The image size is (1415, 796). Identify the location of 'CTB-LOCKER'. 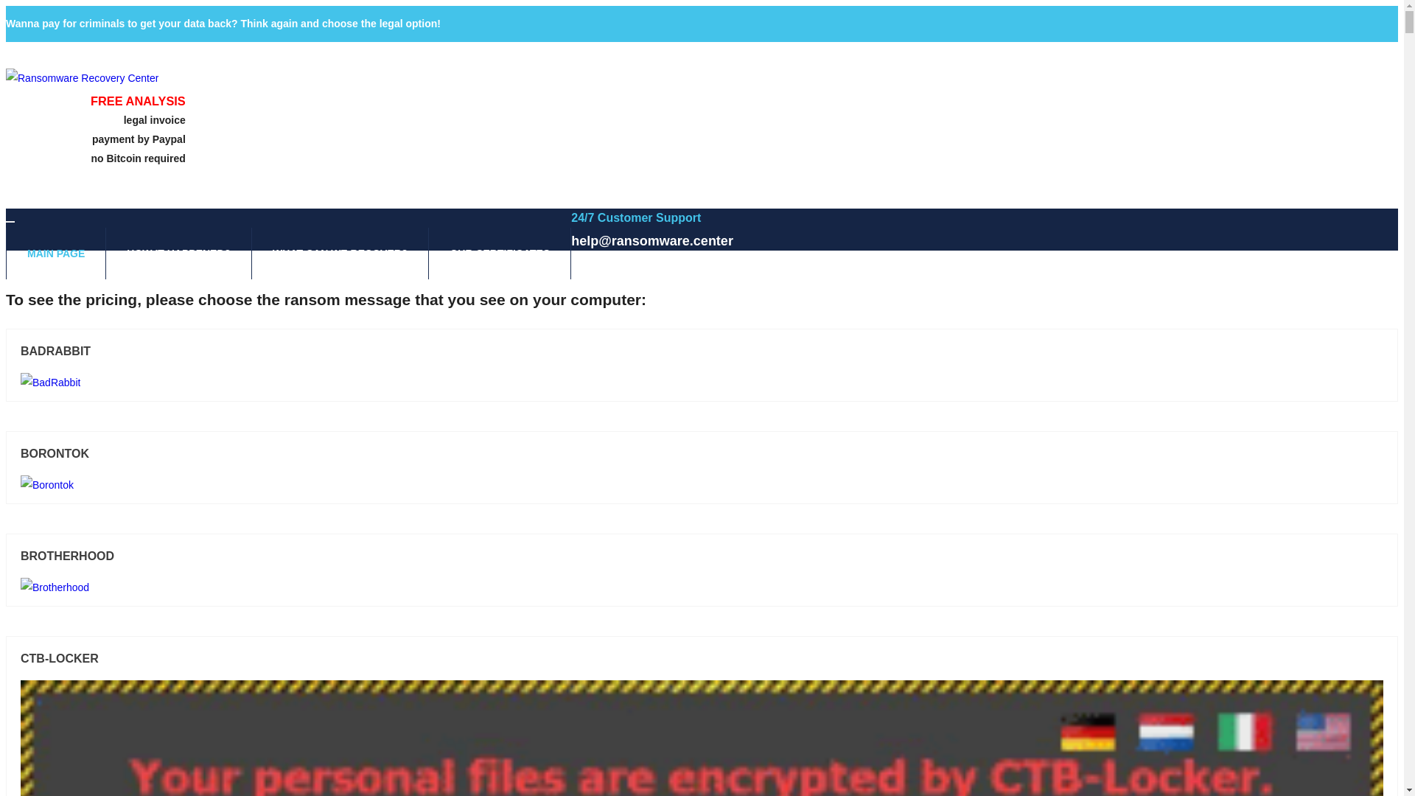
(21, 658).